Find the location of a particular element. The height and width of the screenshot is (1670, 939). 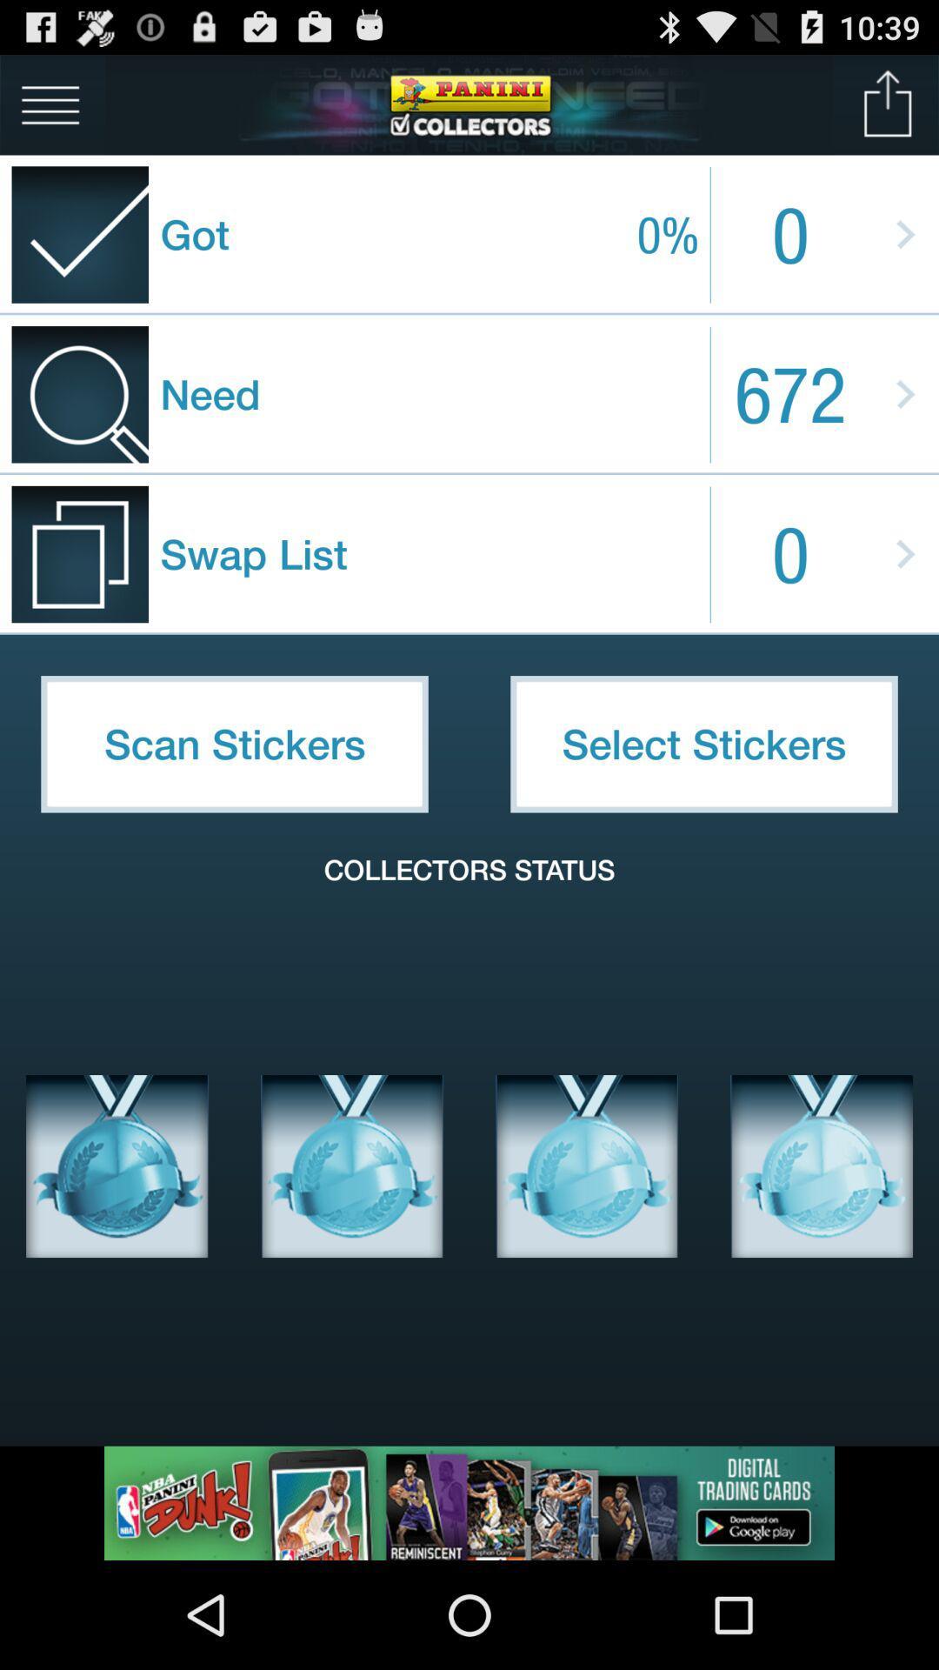

the item next to the 0% icon is located at coordinates (888, 104).